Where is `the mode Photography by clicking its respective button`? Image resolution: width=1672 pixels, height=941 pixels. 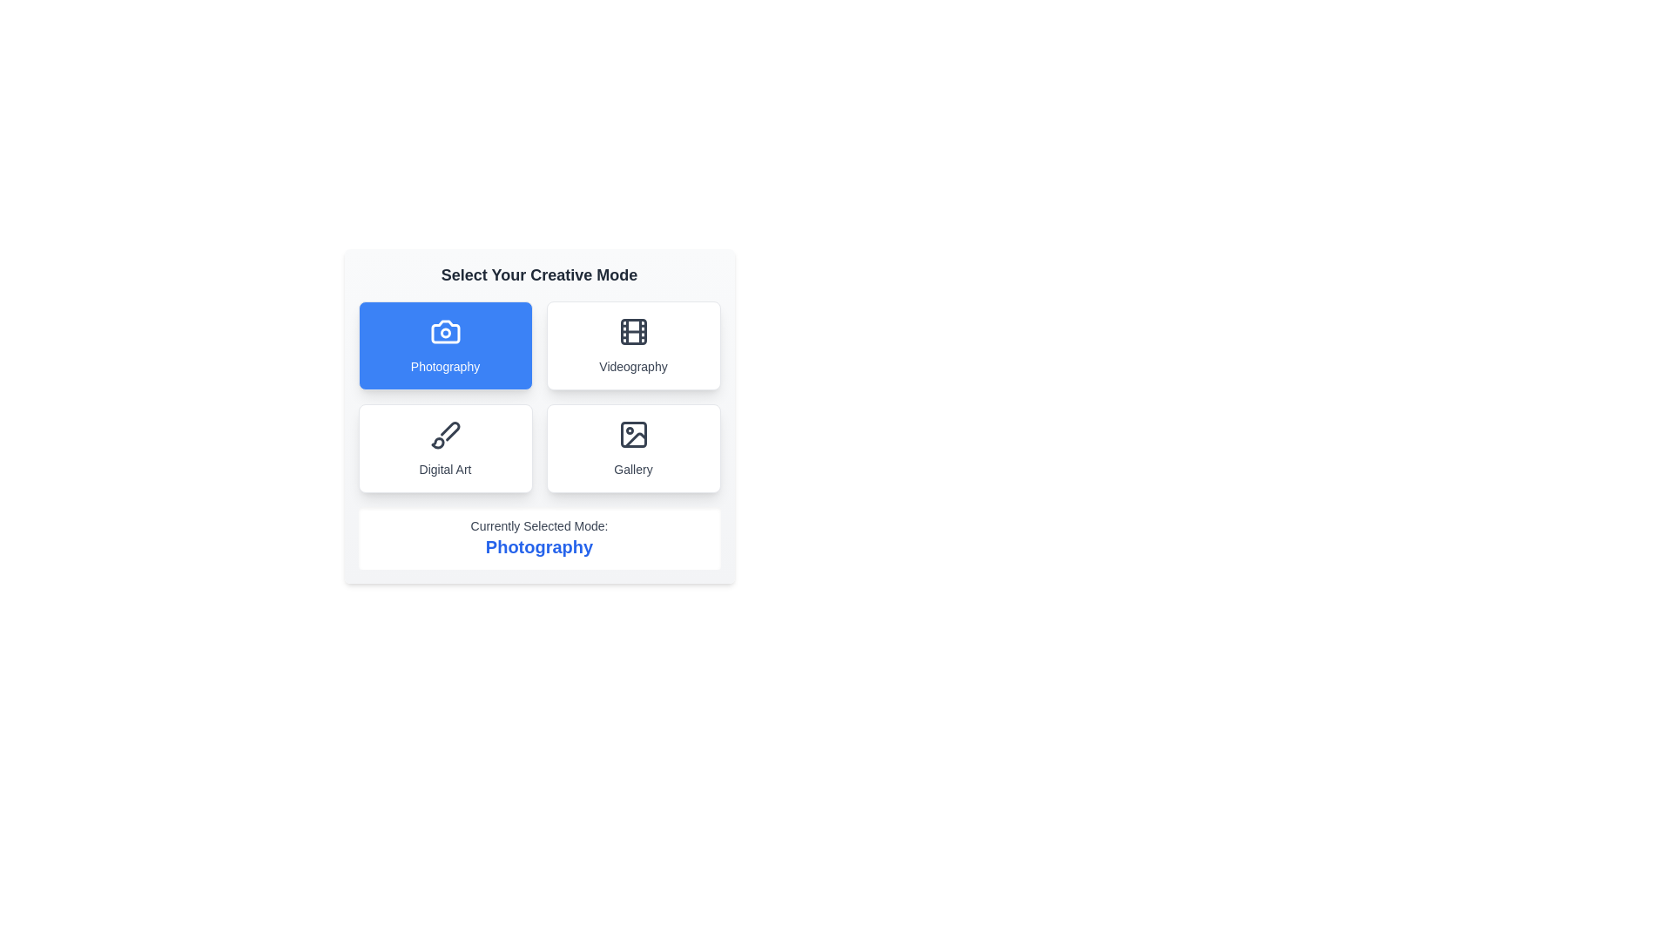 the mode Photography by clicking its respective button is located at coordinates (445, 346).